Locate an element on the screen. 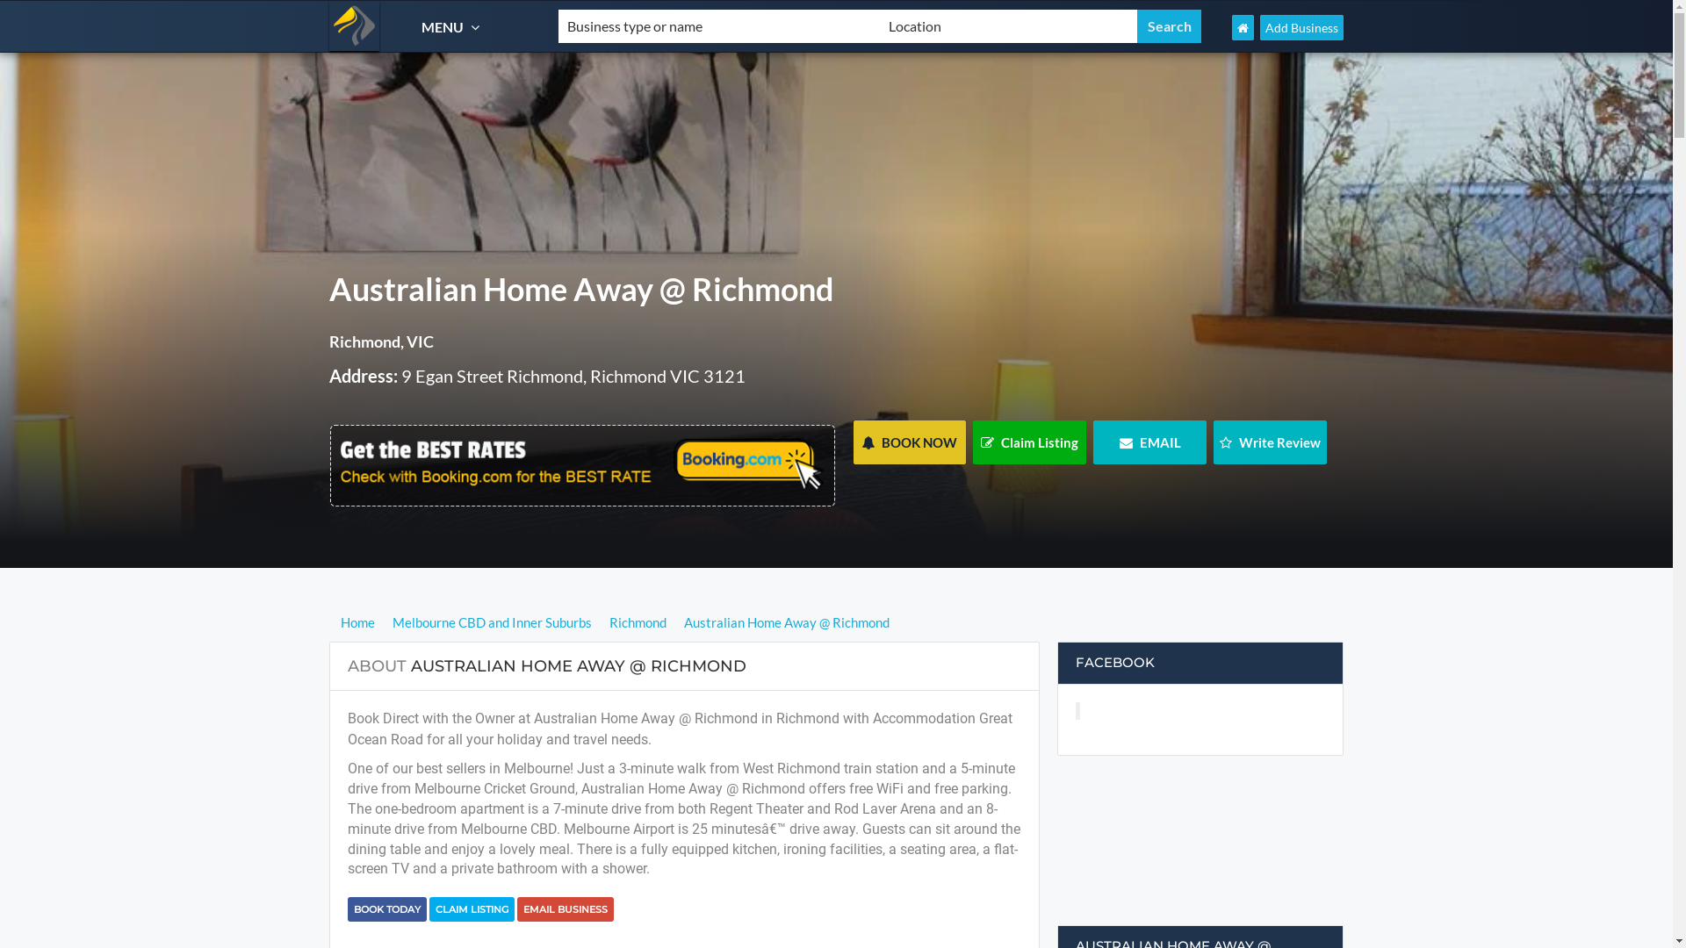 This screenshot has width=1686, height=948. ' EMAIL' is located at coordinates (1092, 442).